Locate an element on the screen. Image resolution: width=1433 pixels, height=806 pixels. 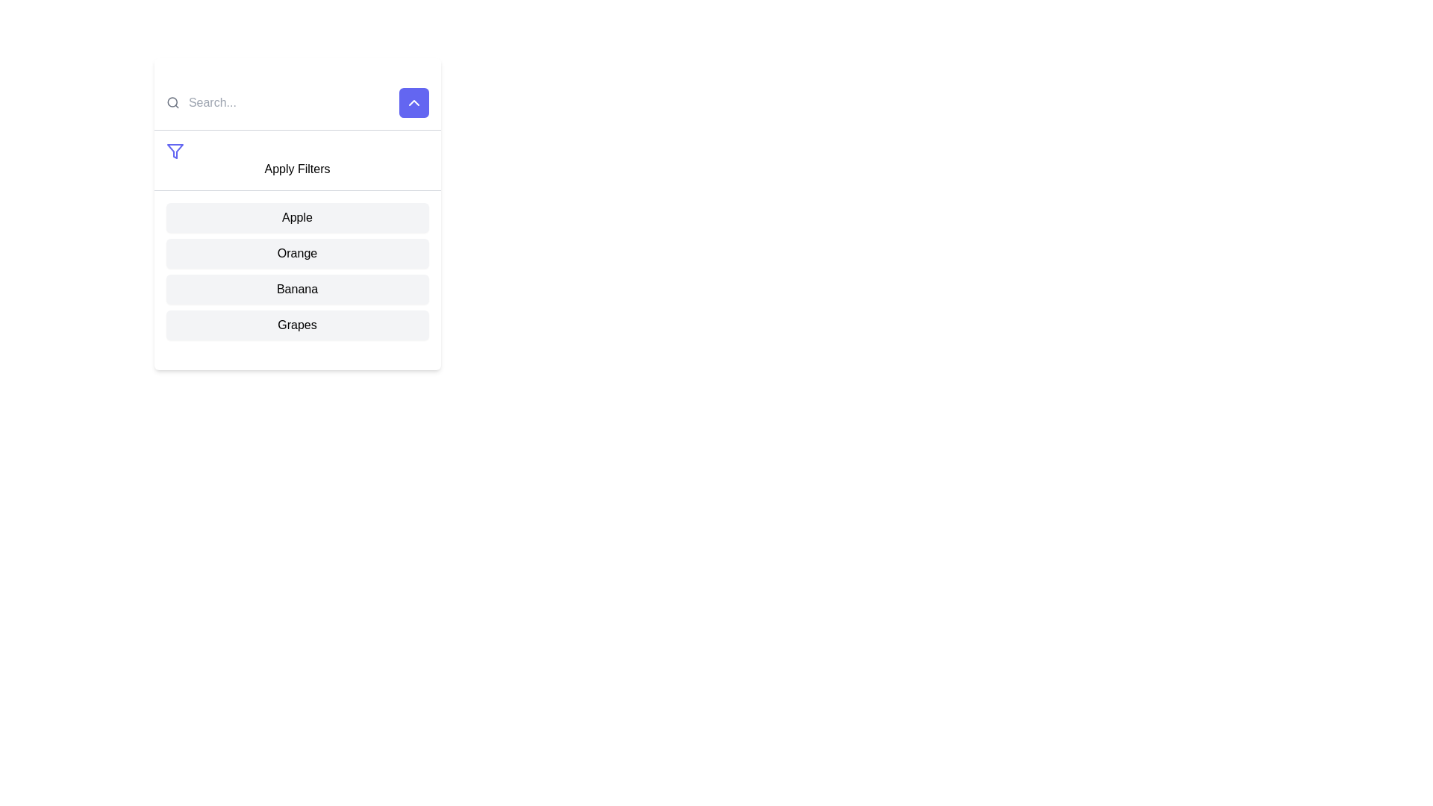
the filtering Icon located in the upper left of the 'Apply Filters' section, symbolizing its functionality is located at coordinates (175, 151).